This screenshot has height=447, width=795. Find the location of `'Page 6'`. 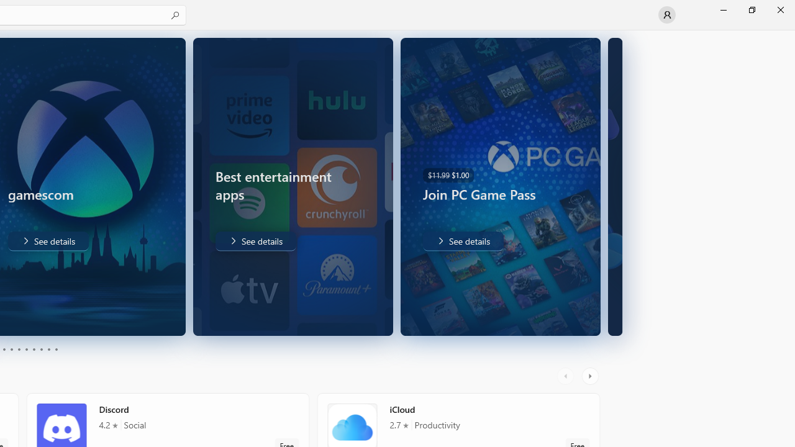

'Page 6' is located at coordinates (26, 350).